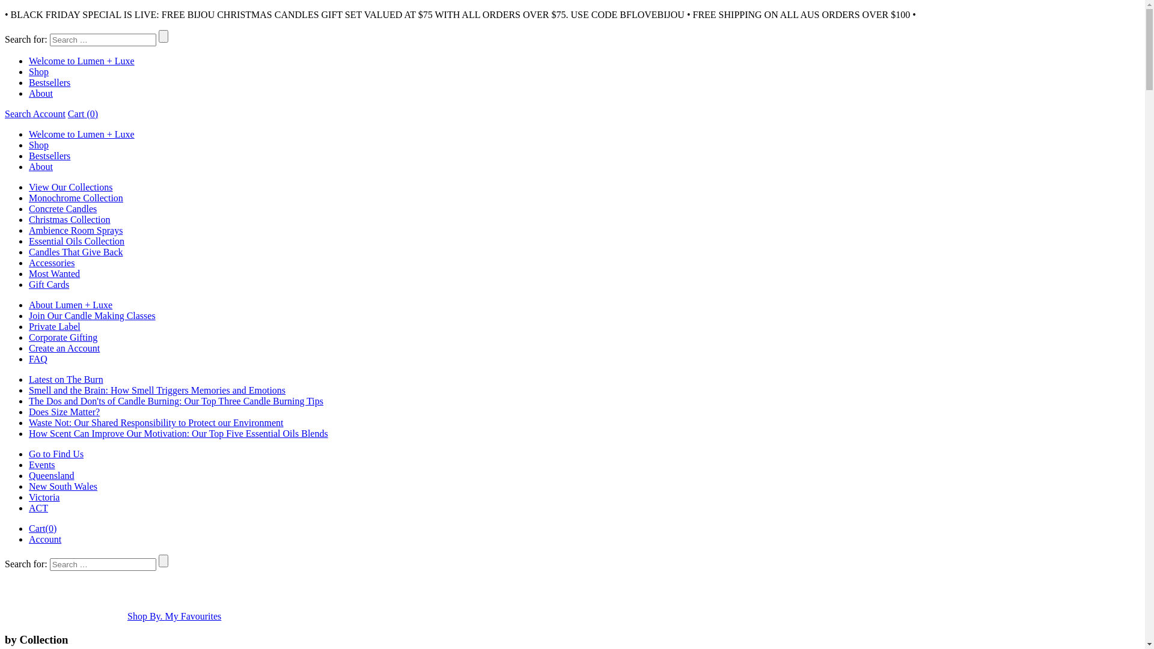 This screenshot has height=649, width=1154. What do you see at coordinates (29, 315) in the screenshot?
I see `'Join Our Candle Making Classes'` at bounding box center [29, 315].